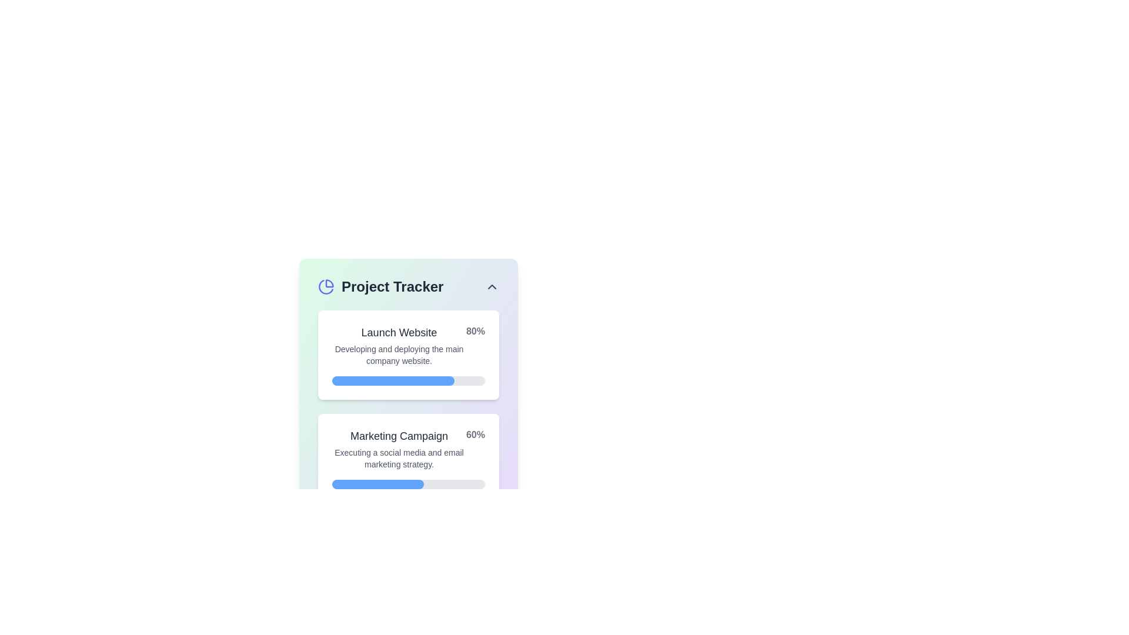  I want to click on the blue progress indicator bar that occupies 60% of the available width, located below the 'Marketing Campaign' label in the 'Project Tracker' interface, so click(378, 484).